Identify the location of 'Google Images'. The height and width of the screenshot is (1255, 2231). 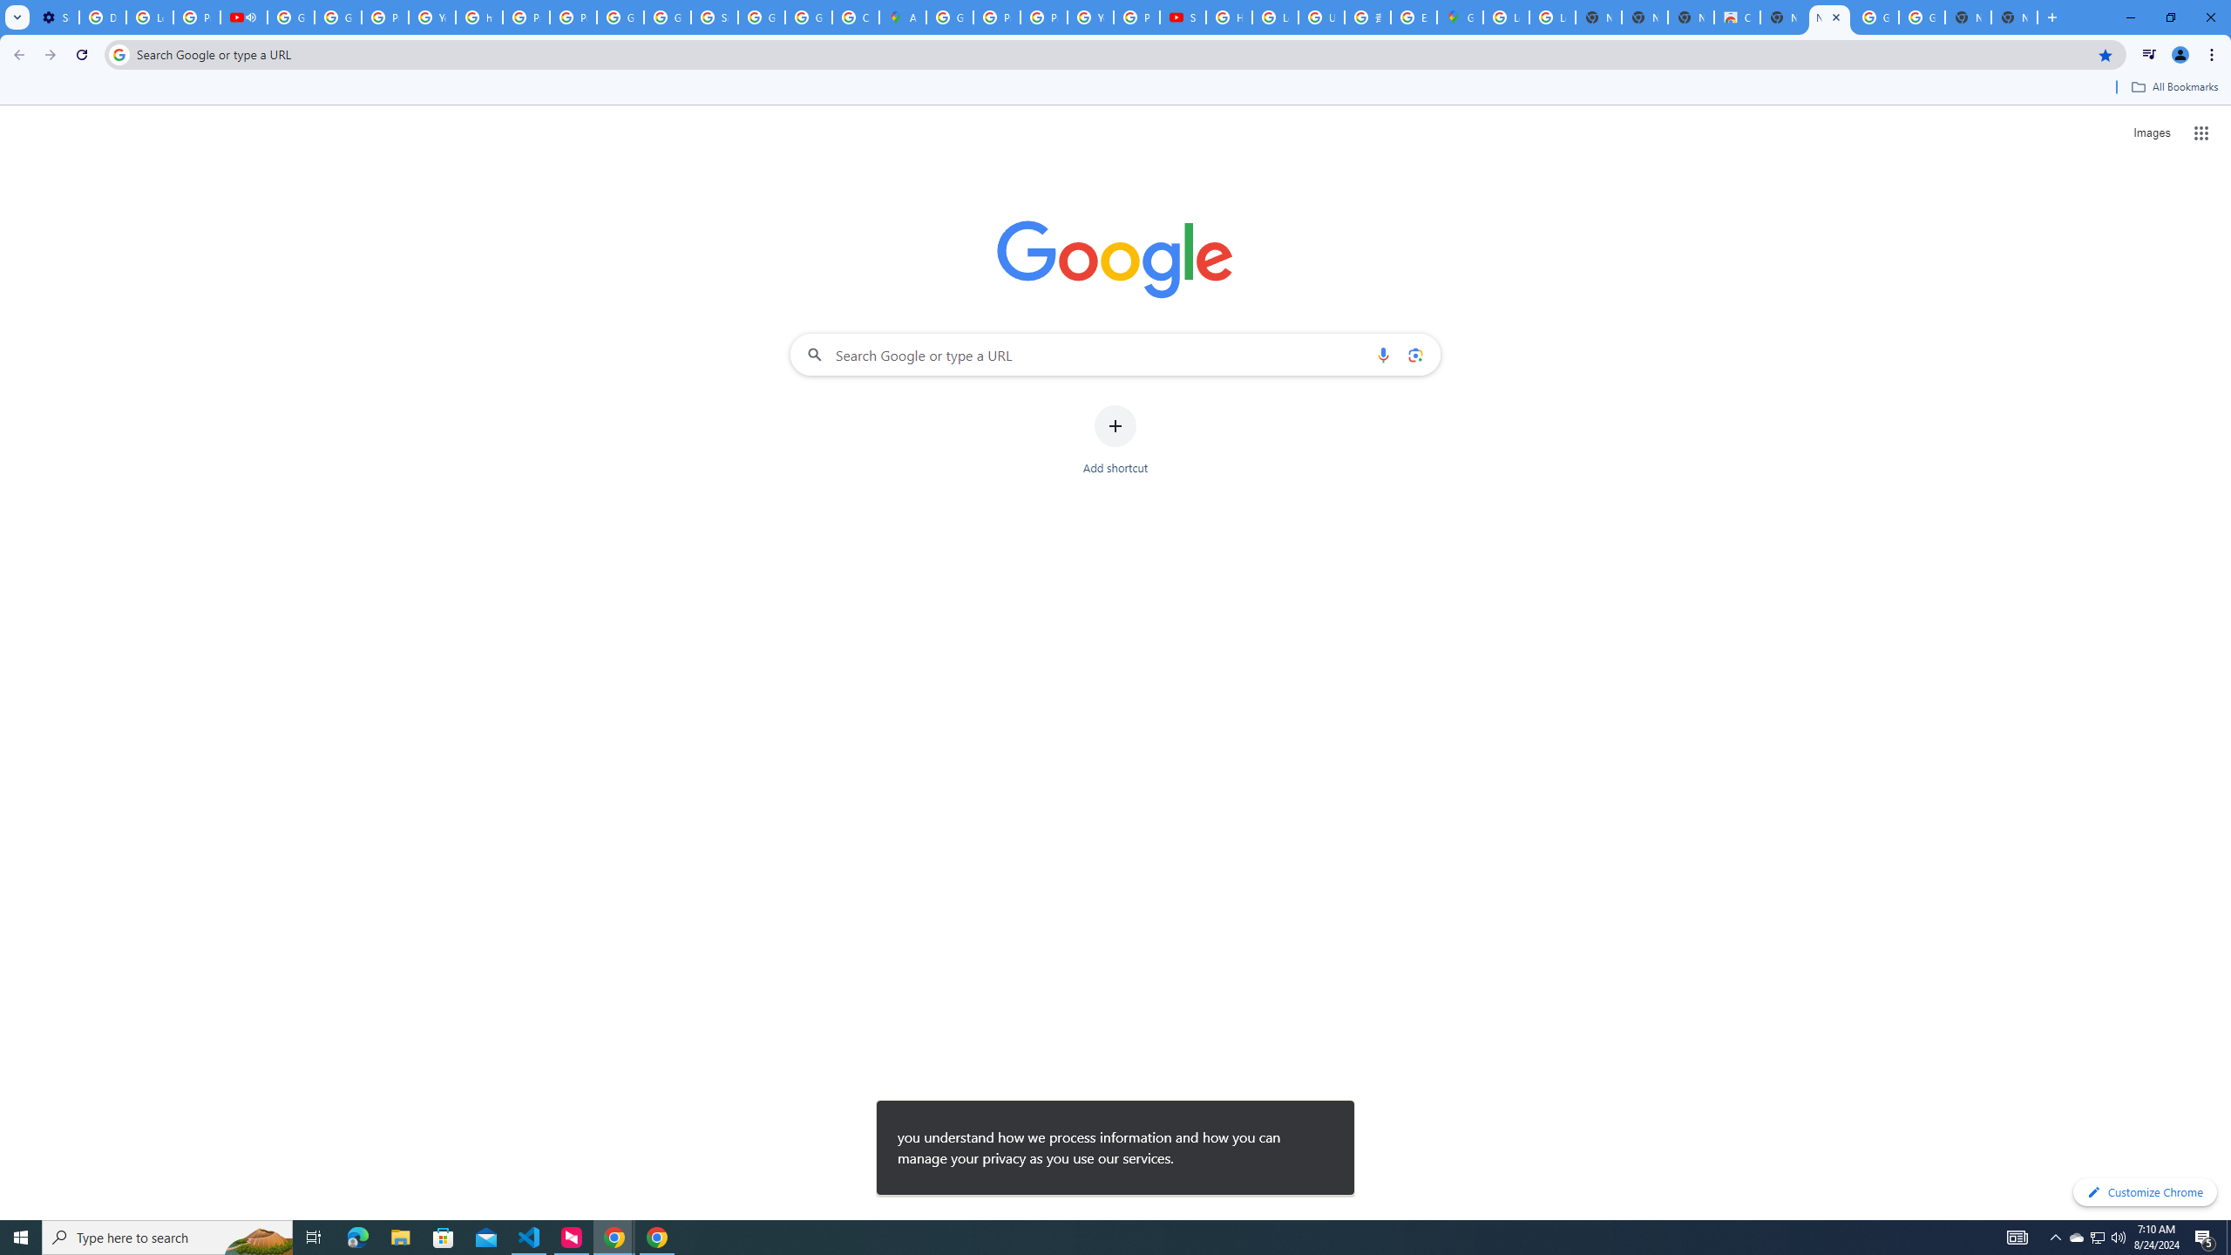
(1875, 17).